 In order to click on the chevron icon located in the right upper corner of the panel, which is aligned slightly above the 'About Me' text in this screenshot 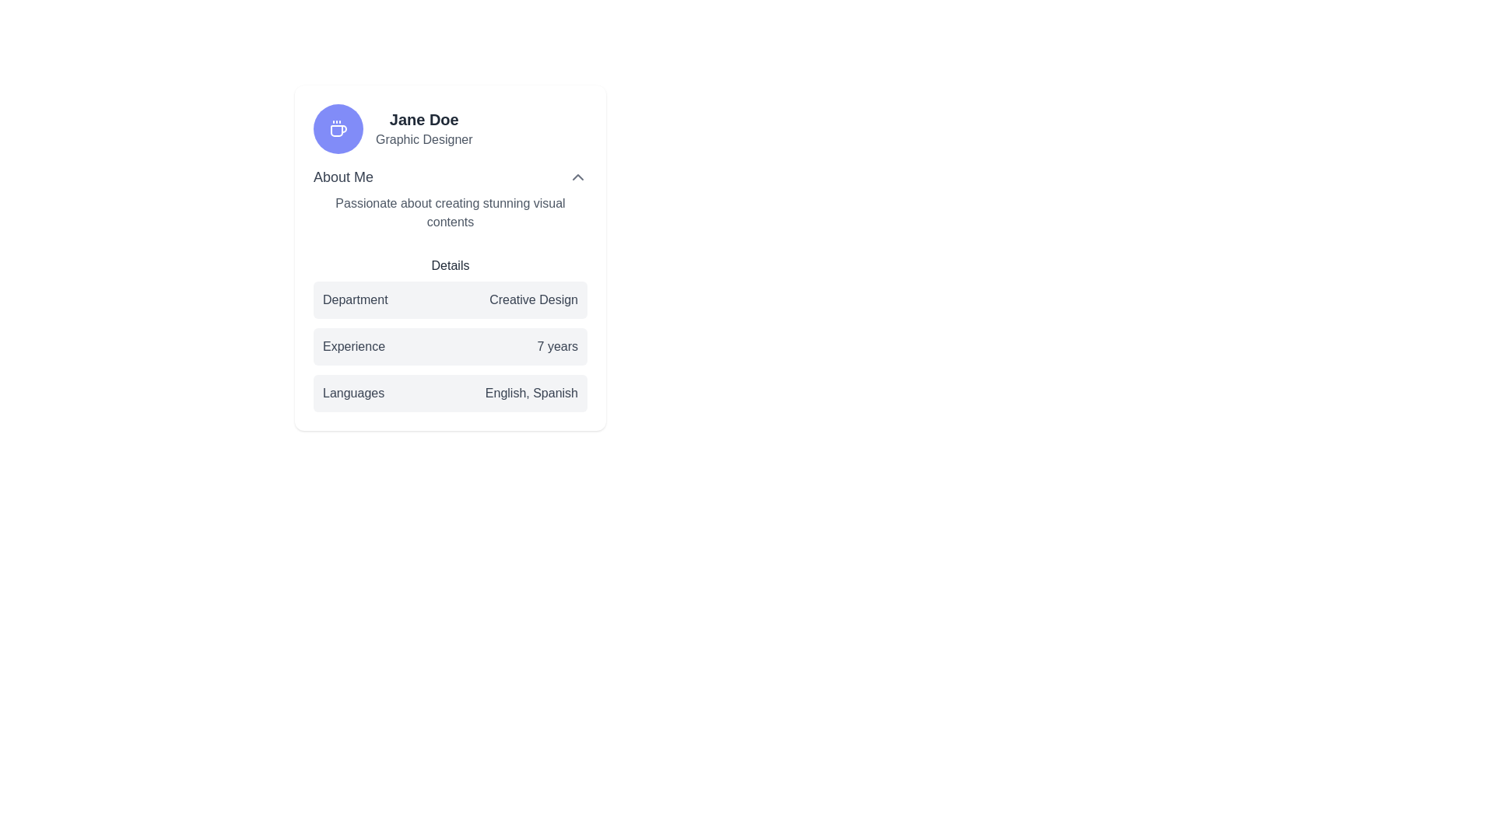, I will do `click(577, 176)`.